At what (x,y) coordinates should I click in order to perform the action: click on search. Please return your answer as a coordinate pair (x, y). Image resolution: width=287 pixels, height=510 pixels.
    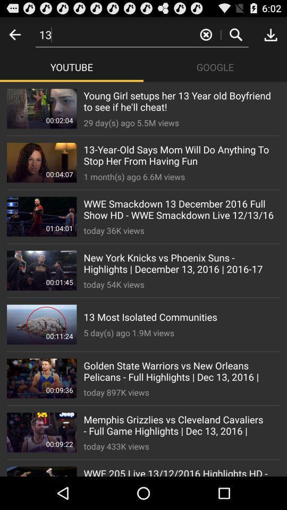
    Looking at the image, I should click on (235, 34).